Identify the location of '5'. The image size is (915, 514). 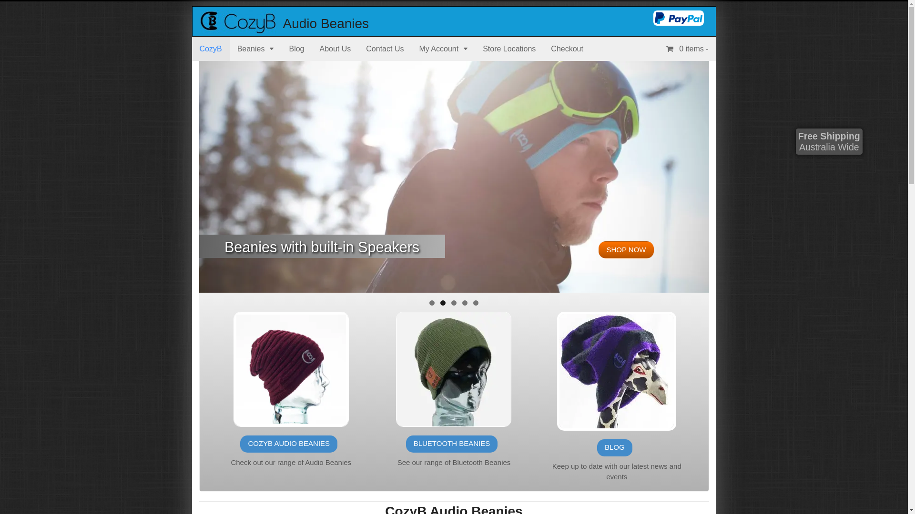
(476, 303).